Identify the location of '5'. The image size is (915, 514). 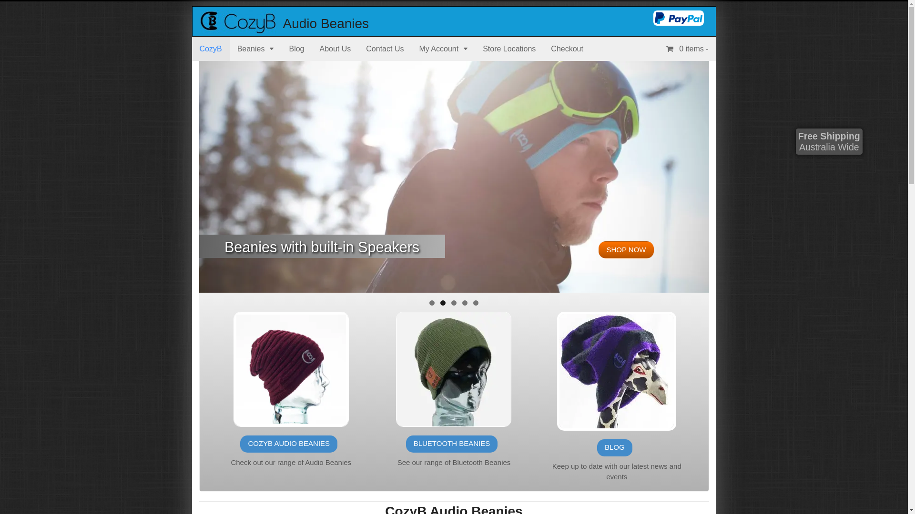
(476, 303).